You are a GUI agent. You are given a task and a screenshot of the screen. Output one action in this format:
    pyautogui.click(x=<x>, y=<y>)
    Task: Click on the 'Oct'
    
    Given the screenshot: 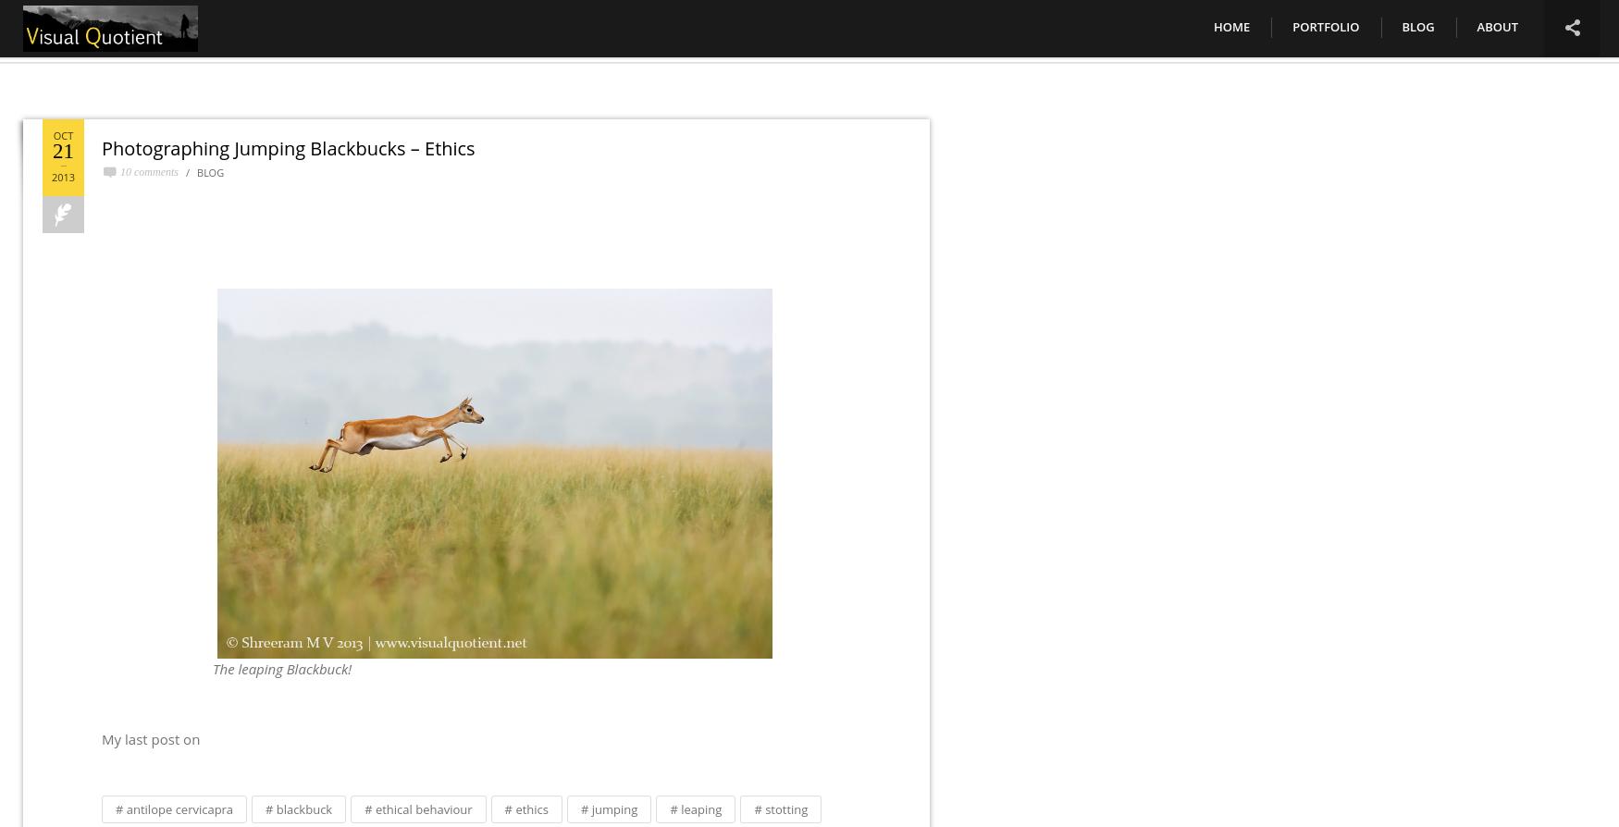 What is the action you would take?
    pyautogui.click(x=63, y=135)
    